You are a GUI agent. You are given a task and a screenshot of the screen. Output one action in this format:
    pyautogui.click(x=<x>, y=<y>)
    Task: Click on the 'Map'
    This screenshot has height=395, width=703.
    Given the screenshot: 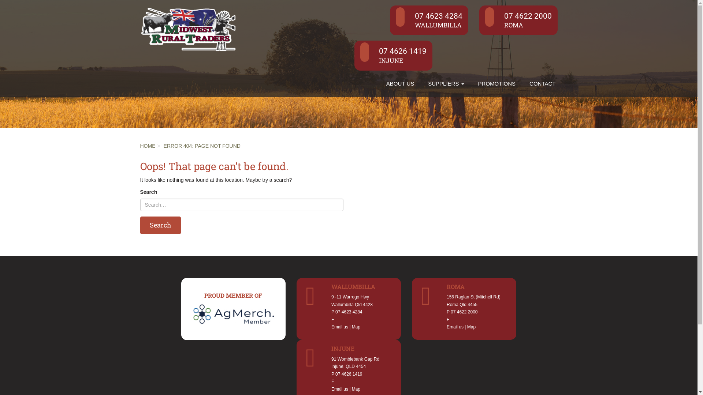 What is the action you would take?
    pyautogui.click(x=471, y=327)
    